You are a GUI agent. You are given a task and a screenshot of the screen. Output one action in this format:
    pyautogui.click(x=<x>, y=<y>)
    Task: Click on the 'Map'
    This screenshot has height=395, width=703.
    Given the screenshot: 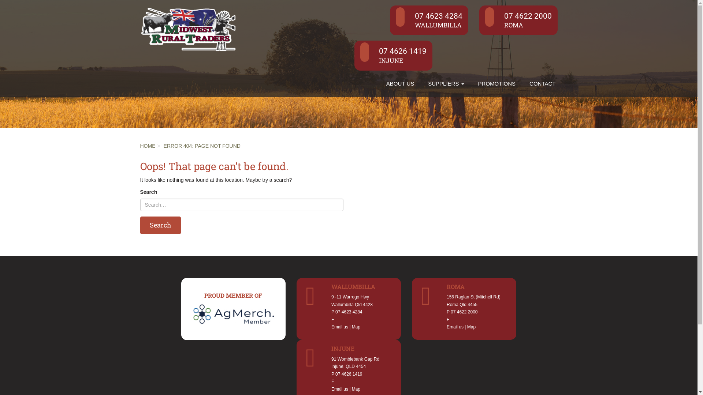 What is the action you would take?
    pyautogui.click(x=471, y=327)
    